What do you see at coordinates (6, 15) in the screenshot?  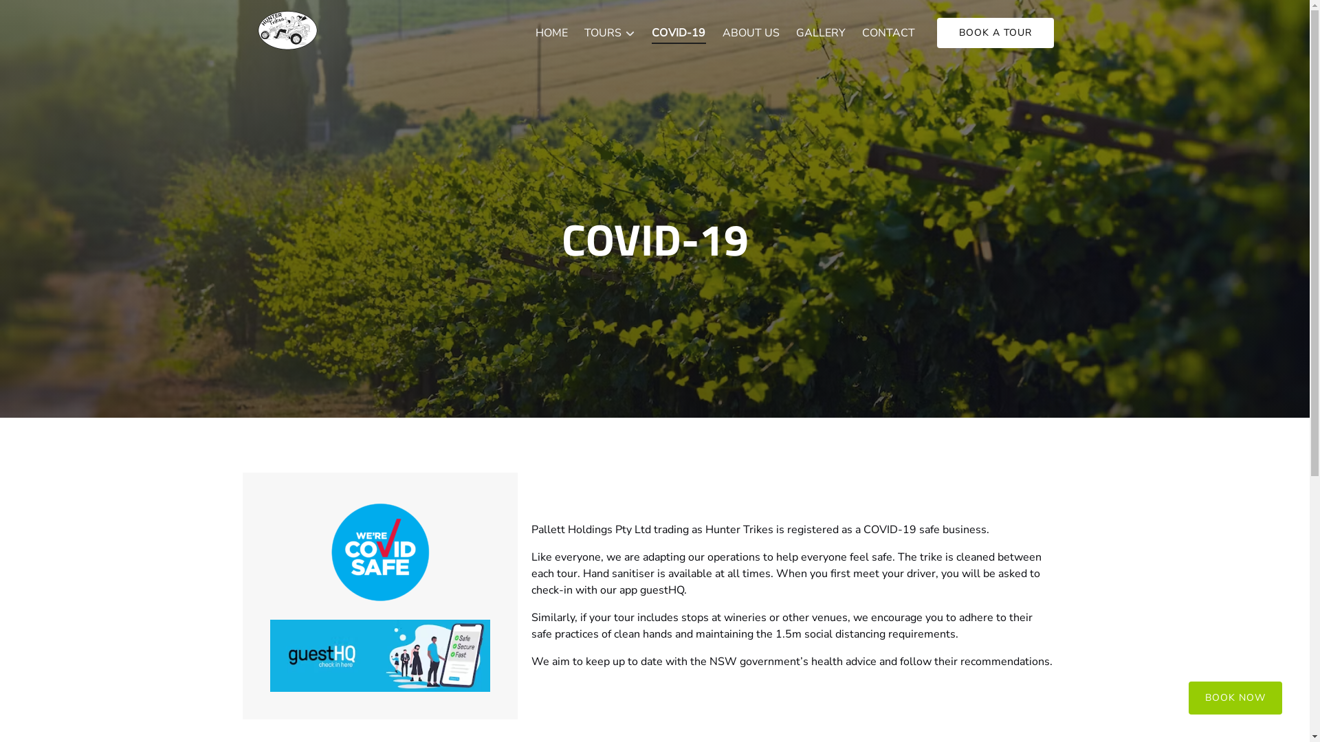 I see `'Skip to content'` at bounding box center [6, 15].